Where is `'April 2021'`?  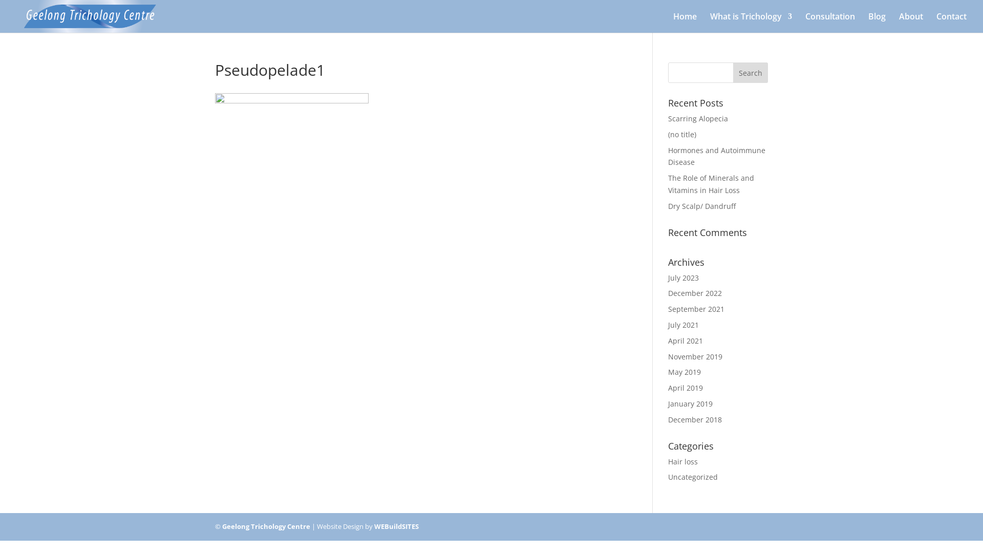 'April 2021' is located at coordinates (686, 341).